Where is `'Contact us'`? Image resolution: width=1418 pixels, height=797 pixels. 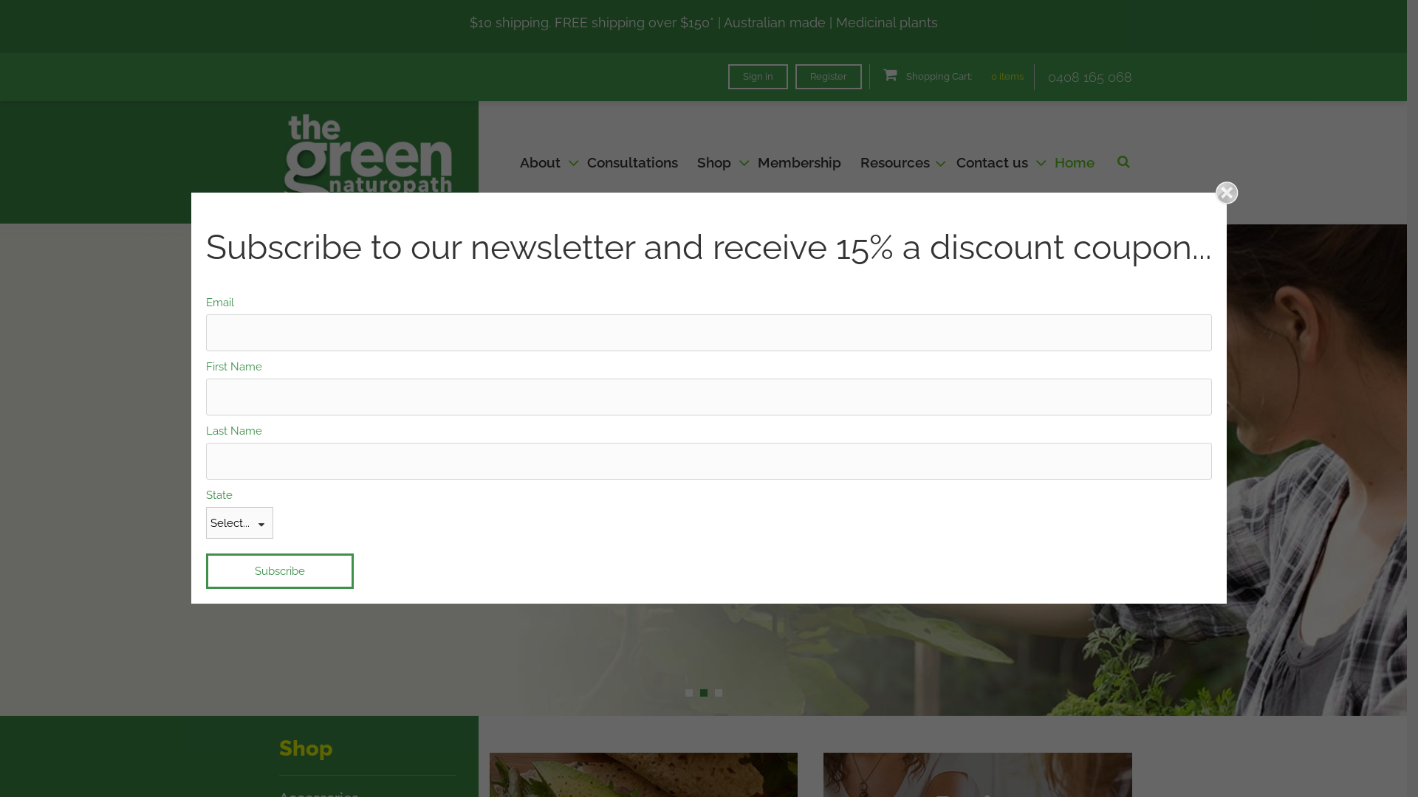
'Contact us' is located at coordinates (996, 162).